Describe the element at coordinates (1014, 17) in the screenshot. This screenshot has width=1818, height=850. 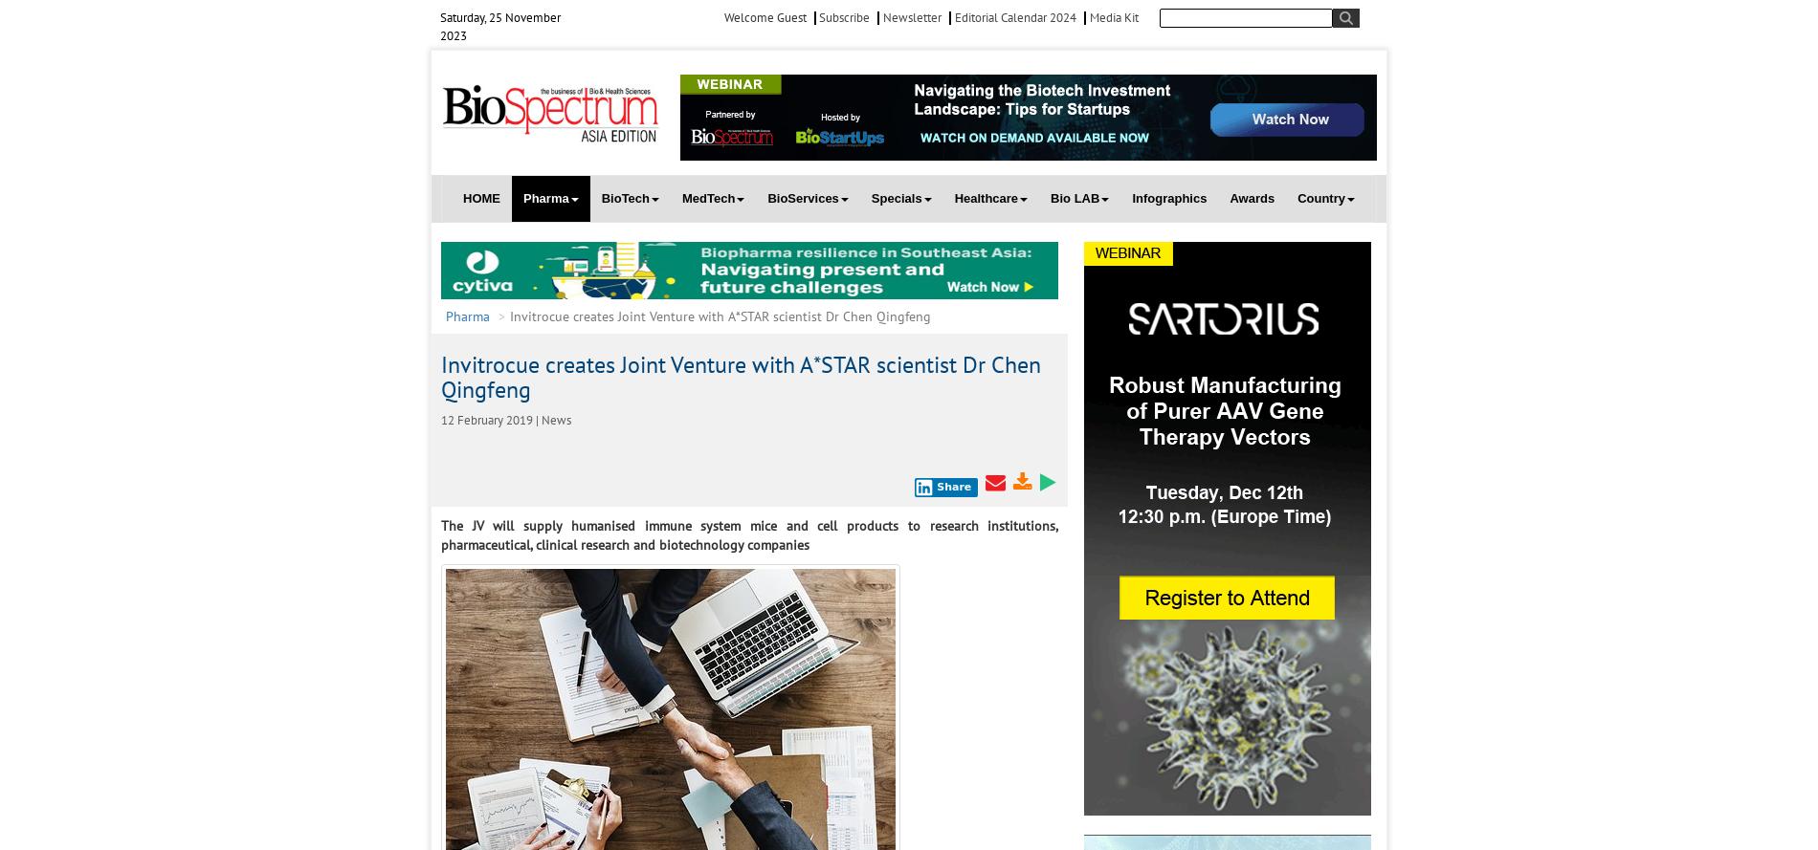
I see `'Editorial Calendar 2024'` at that location.